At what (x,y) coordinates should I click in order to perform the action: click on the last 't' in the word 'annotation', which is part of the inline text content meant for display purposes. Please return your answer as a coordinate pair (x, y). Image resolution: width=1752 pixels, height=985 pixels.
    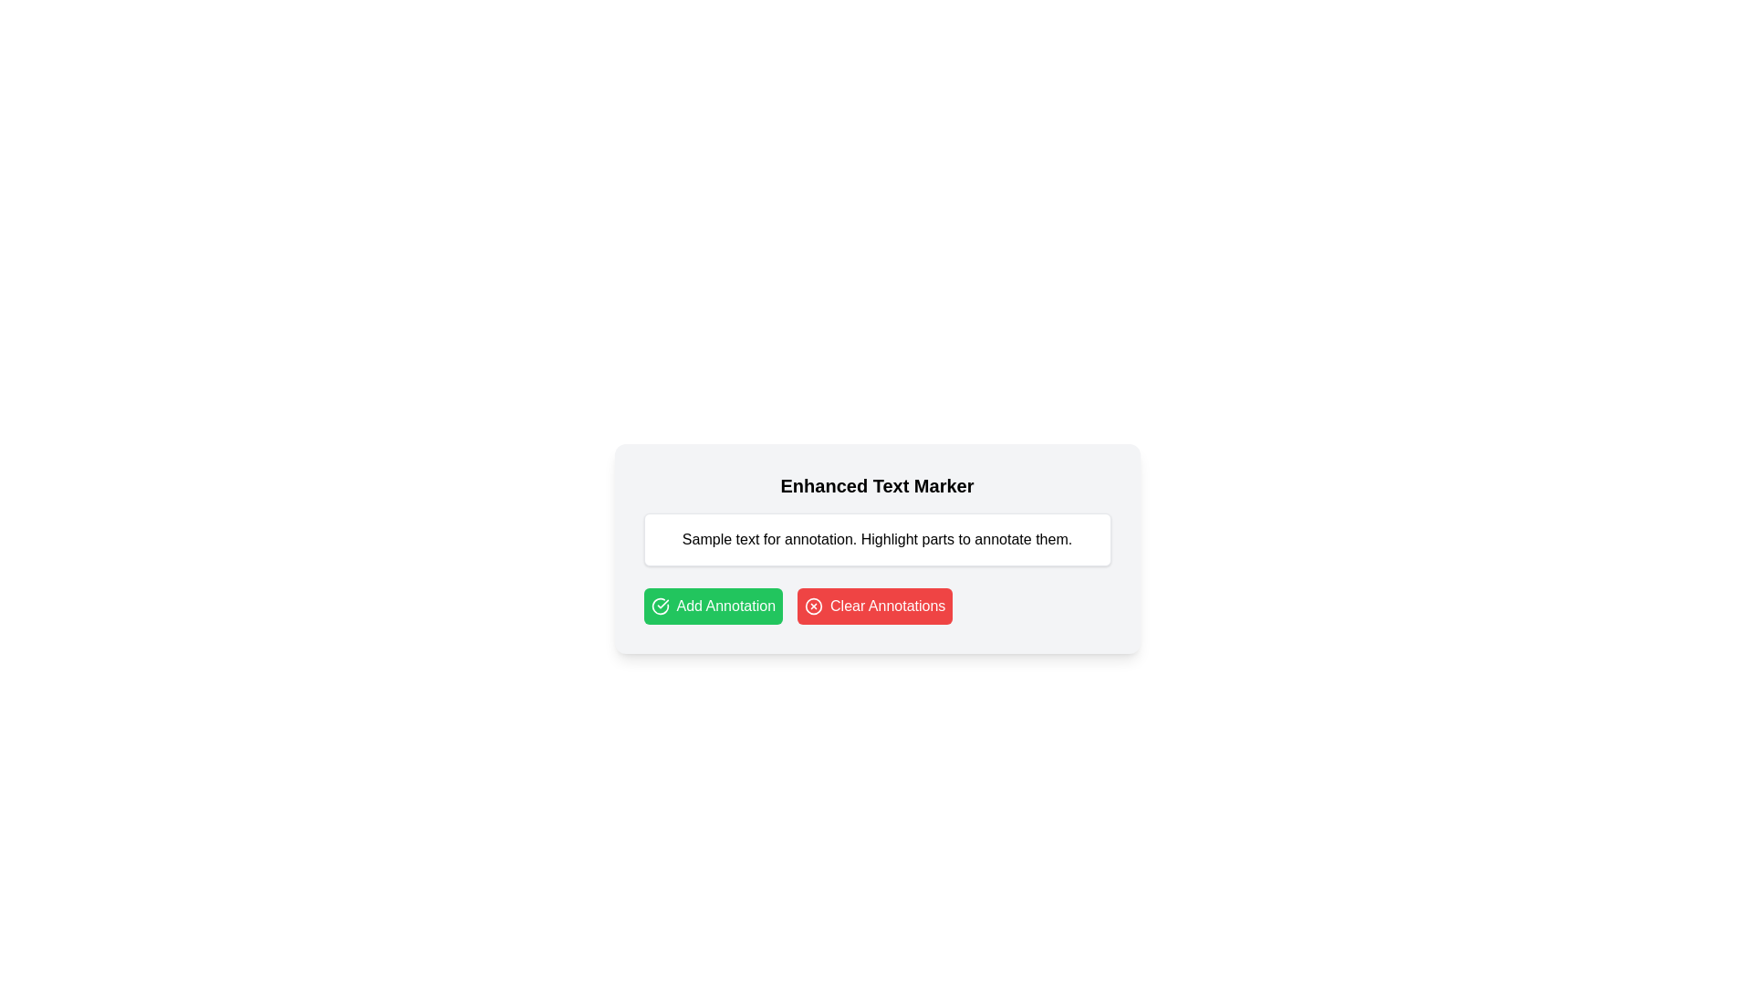
    Looking at the image, I should click on (830, 538).